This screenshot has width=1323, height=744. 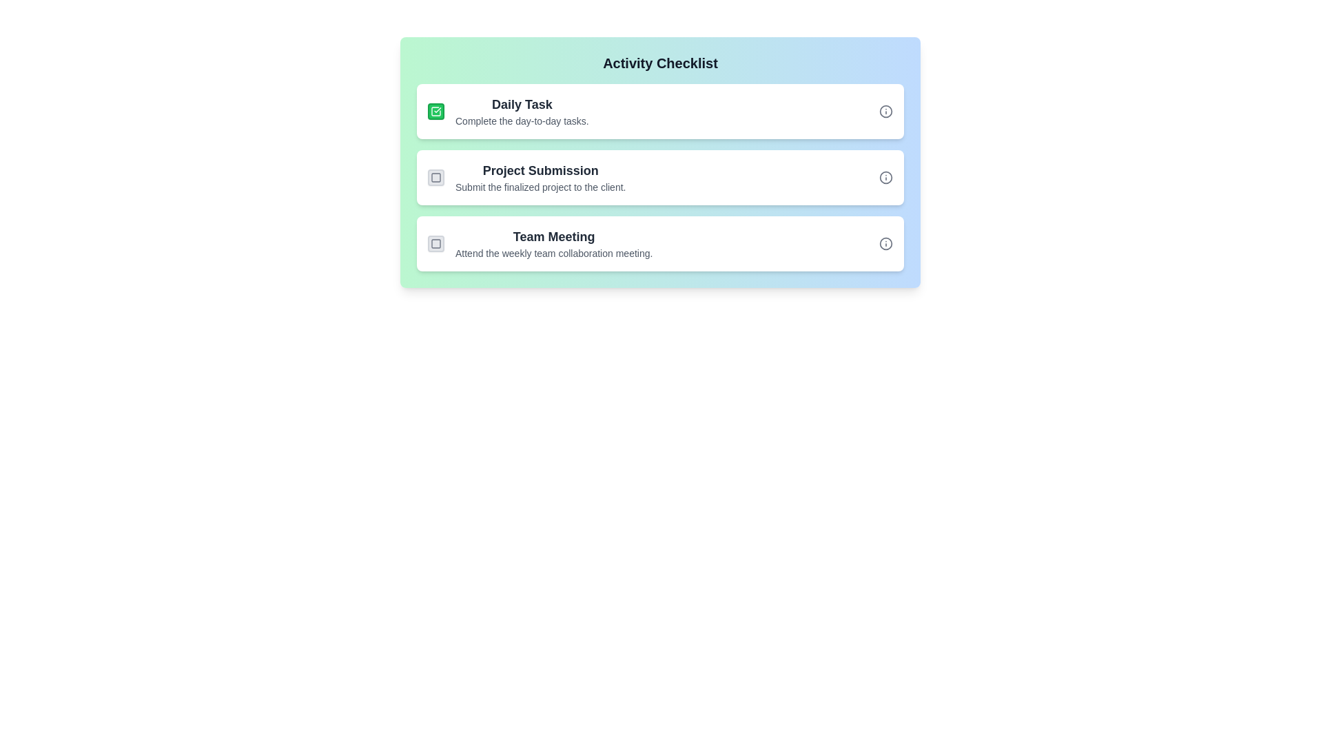 What do you see at coordinates (435, 177) in the screenshot?
I see `the square-shaped checkbox icon next to the 'Team Meeting' heading` at bounding box center [435, 177].